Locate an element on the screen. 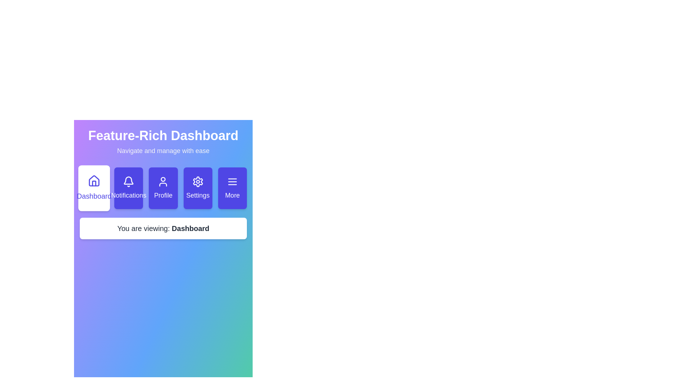 This screenshot has width=690, height=388. the 'Dashboard' navigational button to redirect to the dashboard section of the application is located at coordinates (94, 188).